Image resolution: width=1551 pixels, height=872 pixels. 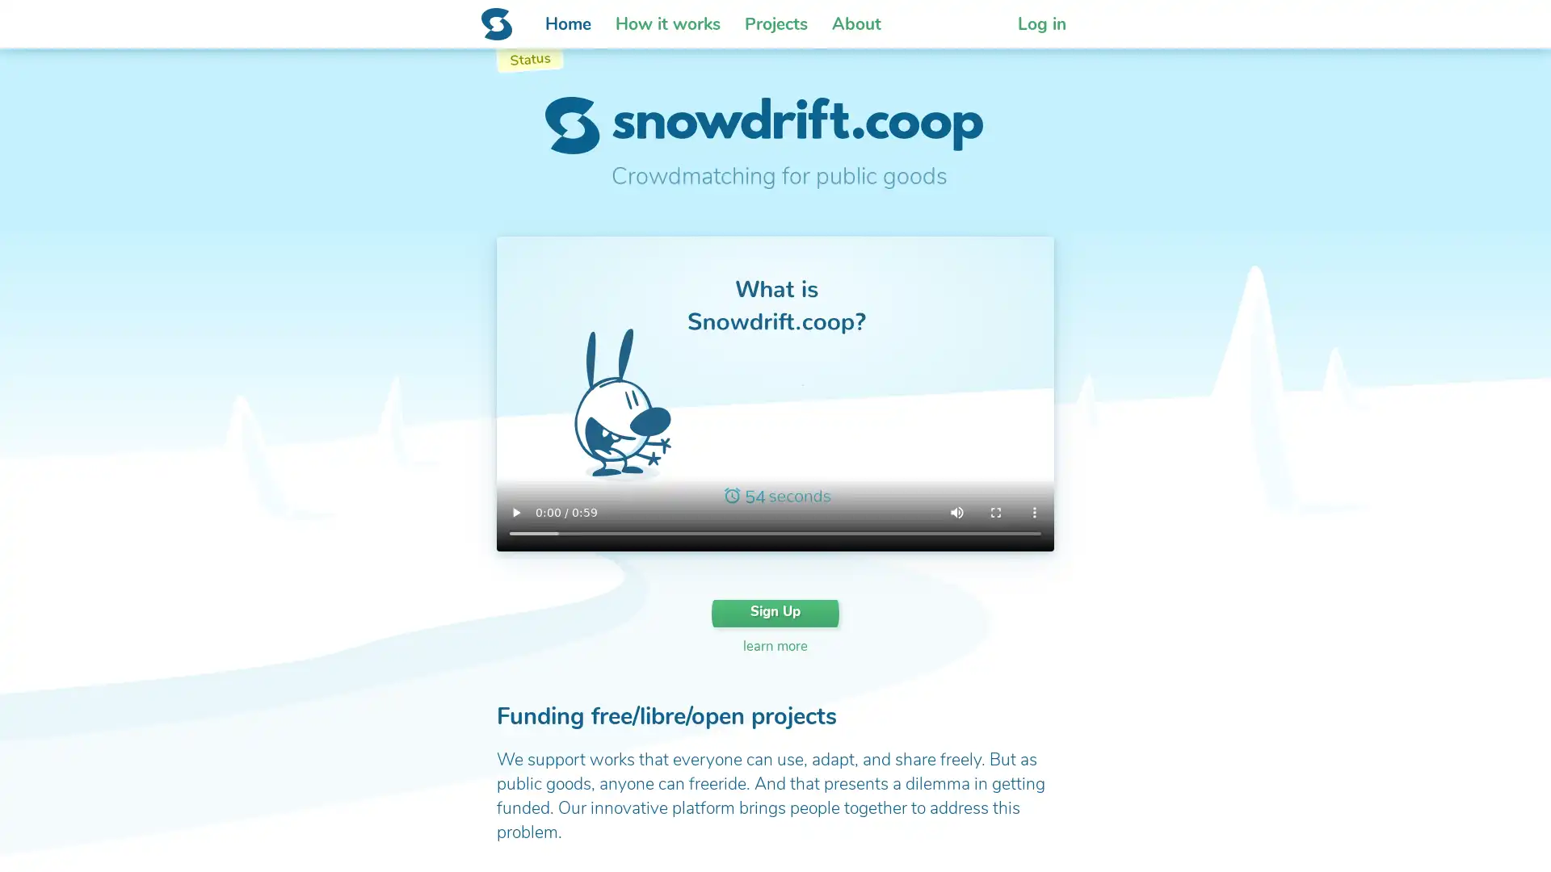 I want to click on enter full screen, so click(x=995, y=513).